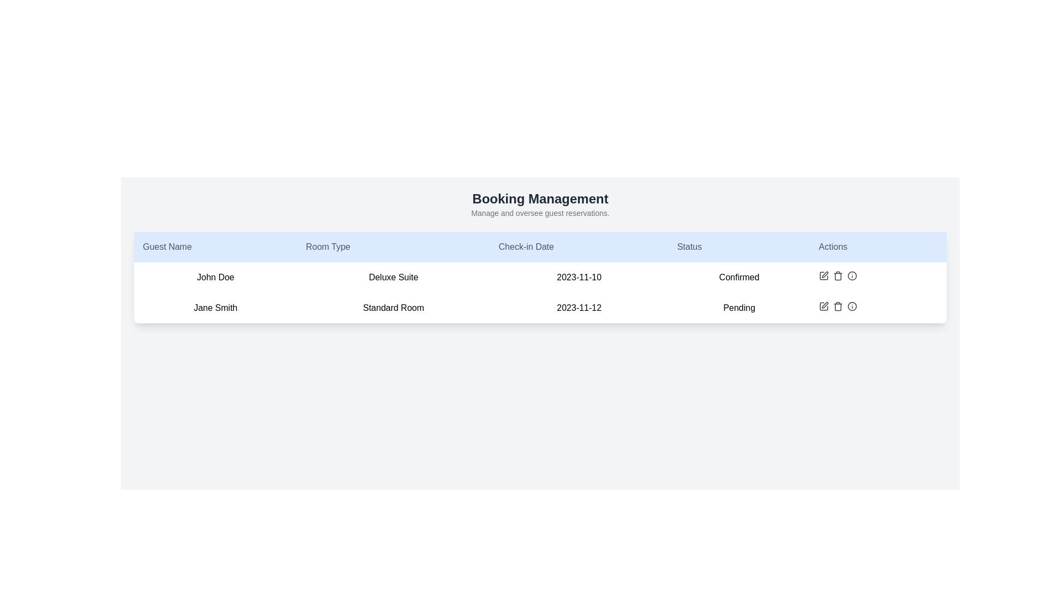  Describe the element at coordinates (540, 247) in the screenshot. I see `text content of the Table Header Row, which includes the columns 'Guest Name', 'Room Type', 'Check-in Date', 'Status', and 'Actions'` at that location.